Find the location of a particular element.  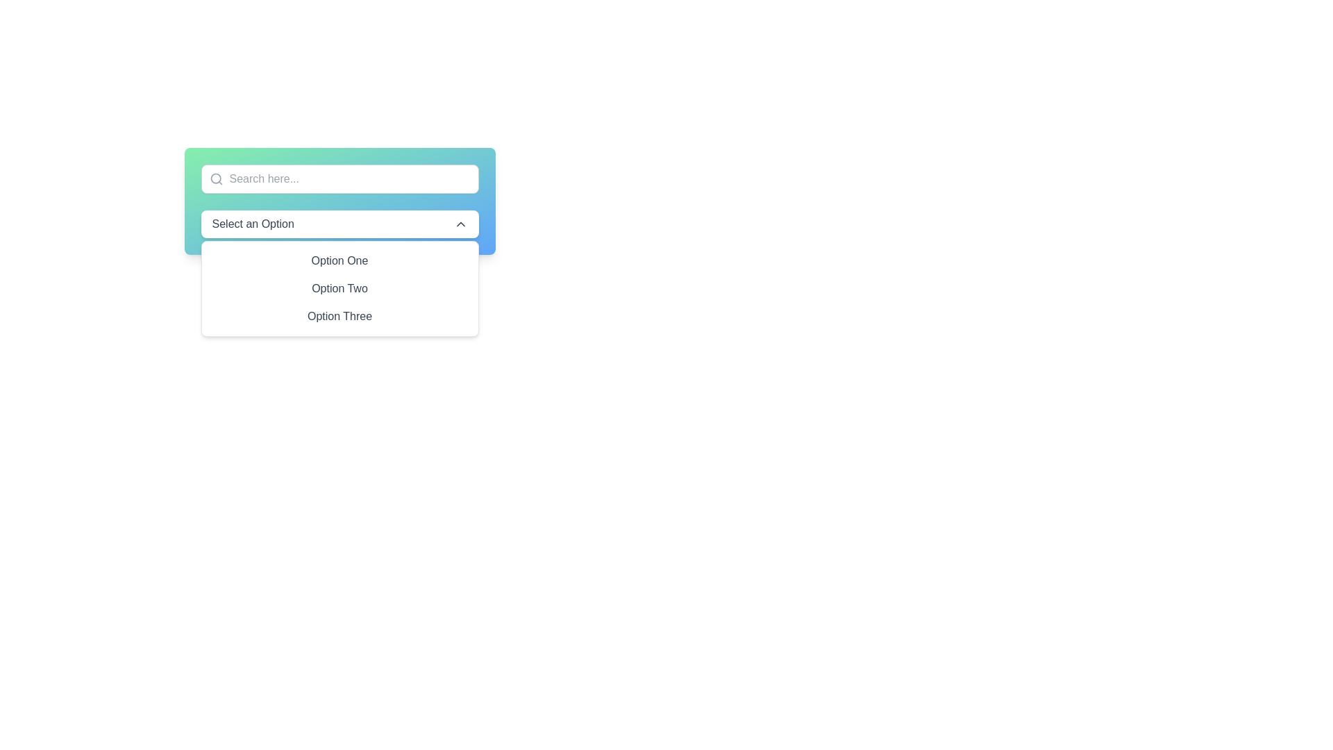

the 'Option Two' item in the dropdown menu is located at coordinates (339, 288).